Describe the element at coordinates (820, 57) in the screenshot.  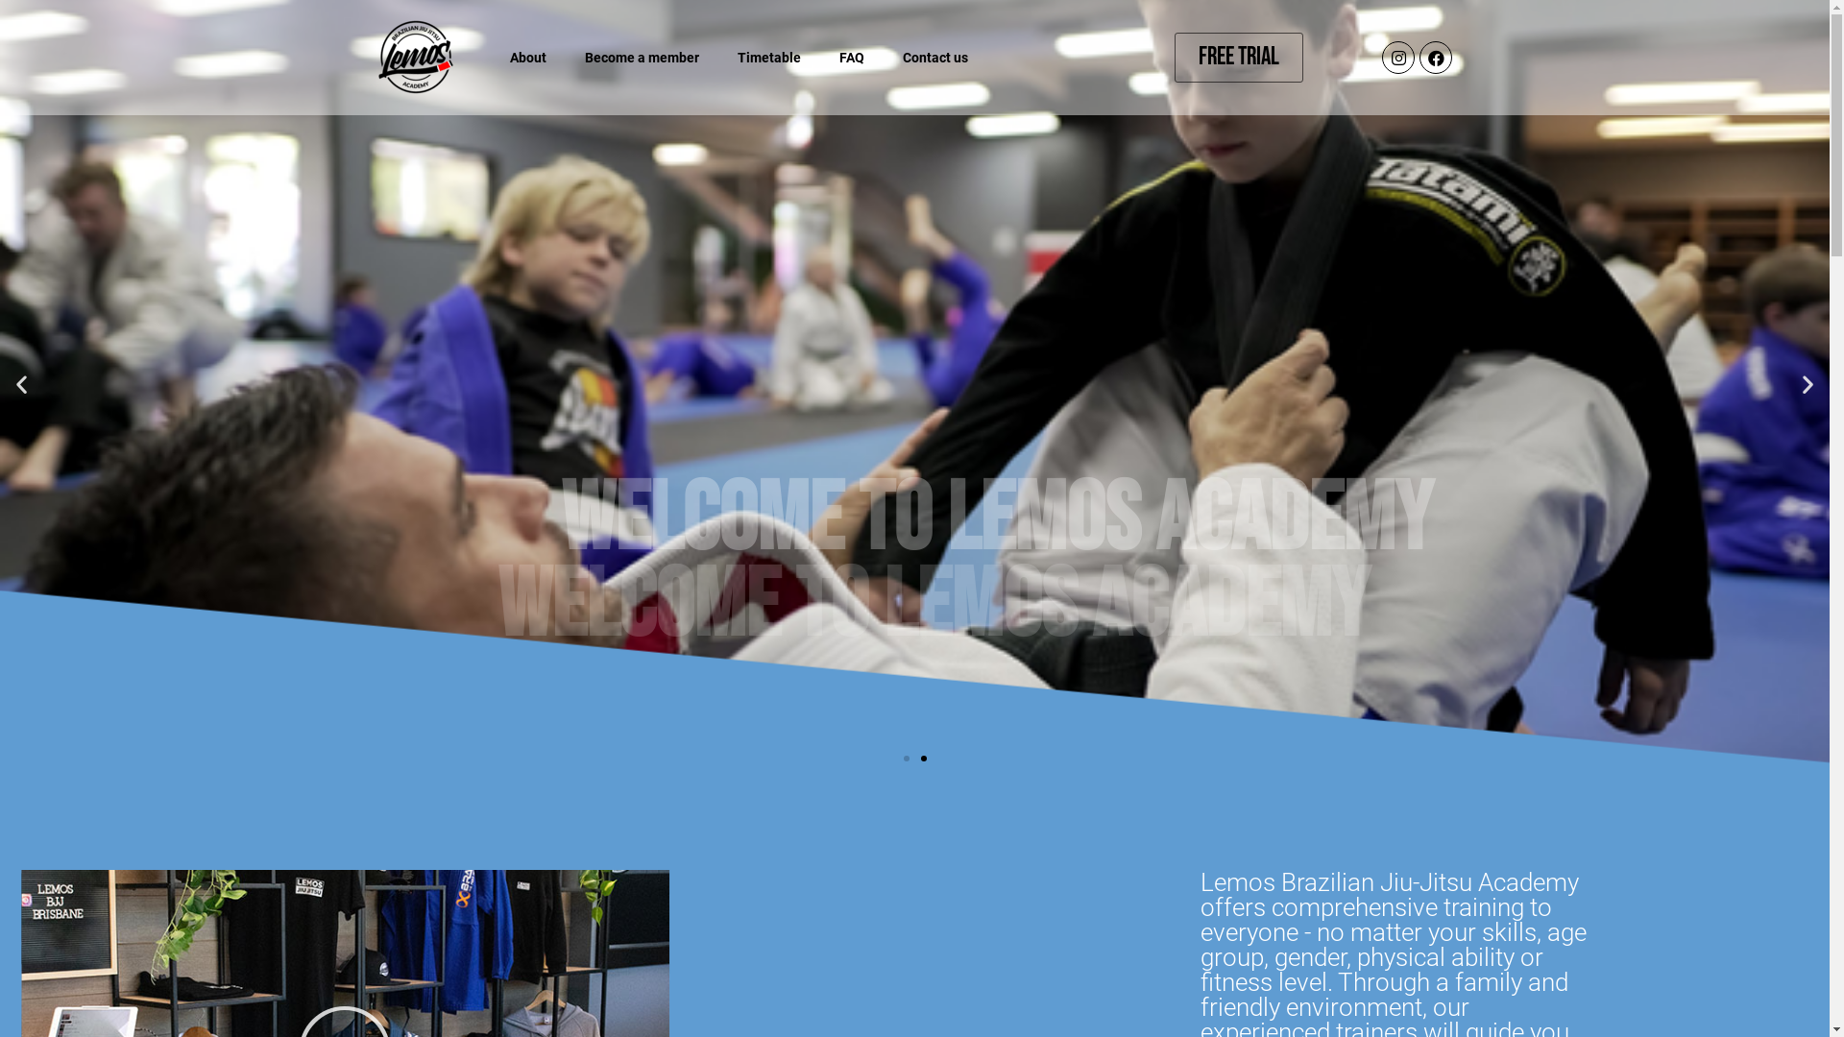
I see `'FAQ'` at that location.